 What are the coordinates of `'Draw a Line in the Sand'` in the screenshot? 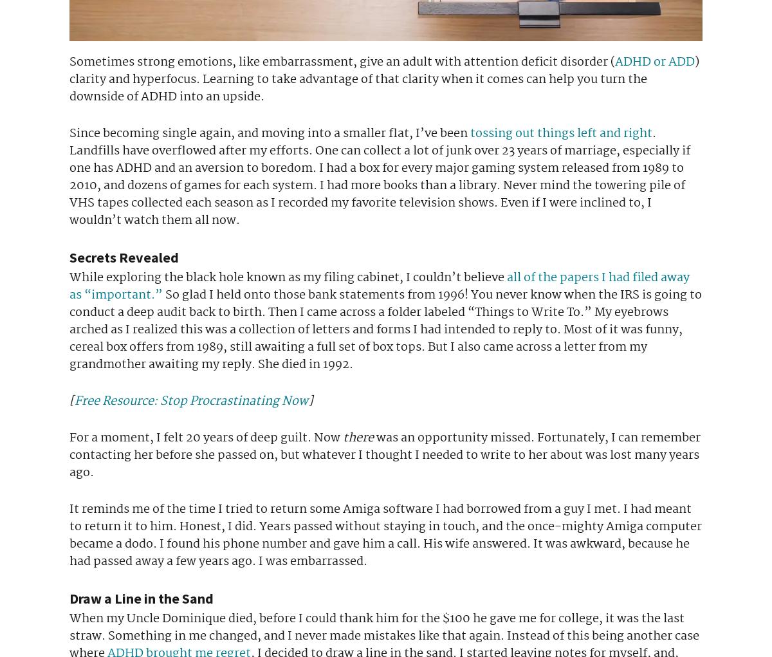 It's located at (140, 598).